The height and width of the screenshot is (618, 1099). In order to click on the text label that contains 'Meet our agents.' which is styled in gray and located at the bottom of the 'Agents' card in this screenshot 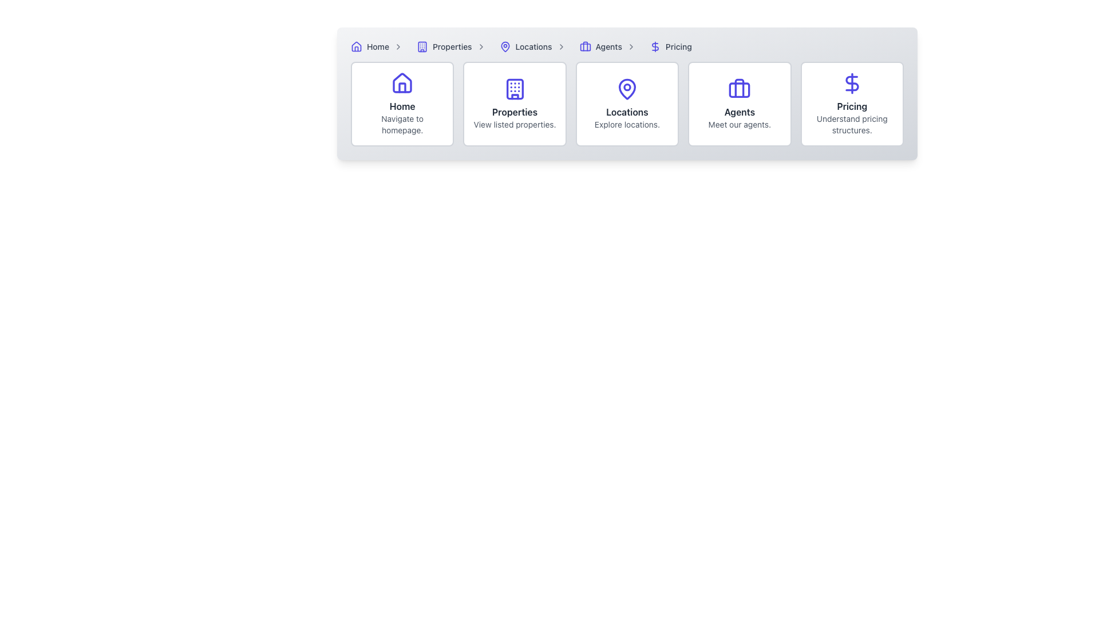, I will do `click(740, 125)`.